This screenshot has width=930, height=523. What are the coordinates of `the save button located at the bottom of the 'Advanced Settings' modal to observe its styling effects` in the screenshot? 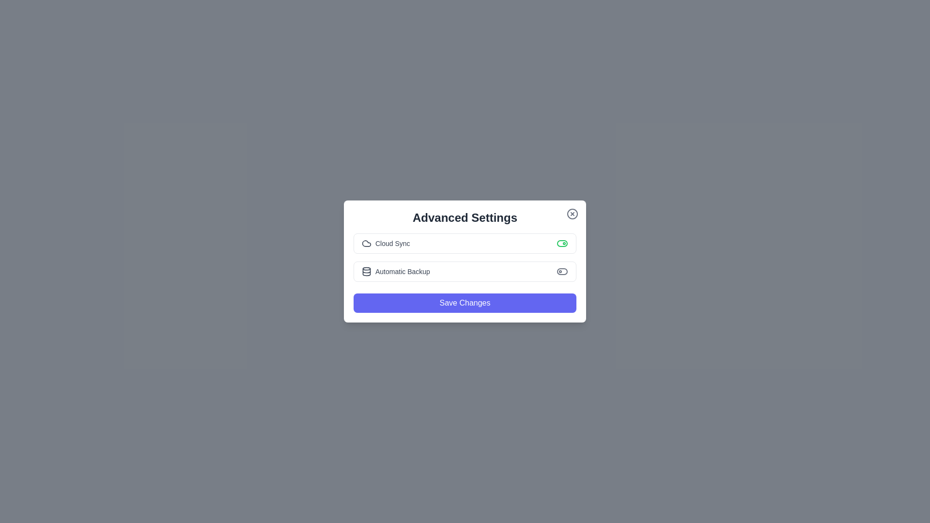 It's located at (465, 302).